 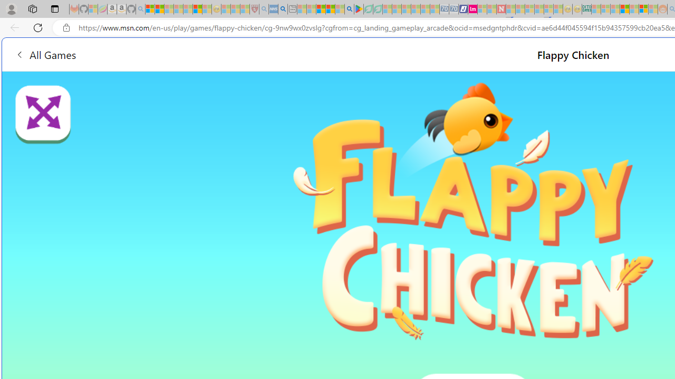 What do you see at coordinates (330, 9) in the screenshot?
I see `'Pets - MSN'` at bounding box center [330, 9].